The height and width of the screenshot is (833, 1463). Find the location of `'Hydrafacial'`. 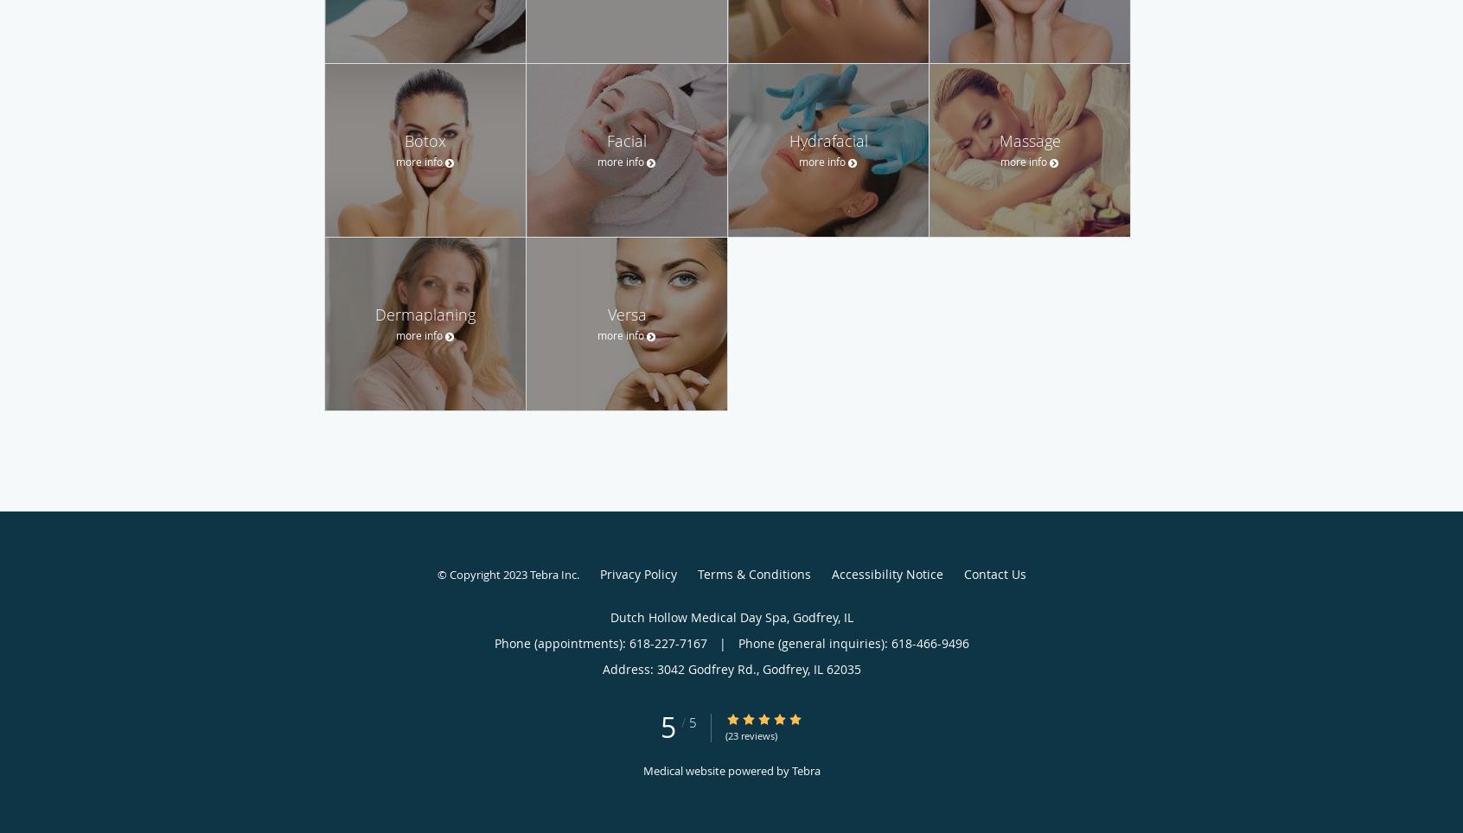

'Hydrafacial' is located at coordinates (827, 140).